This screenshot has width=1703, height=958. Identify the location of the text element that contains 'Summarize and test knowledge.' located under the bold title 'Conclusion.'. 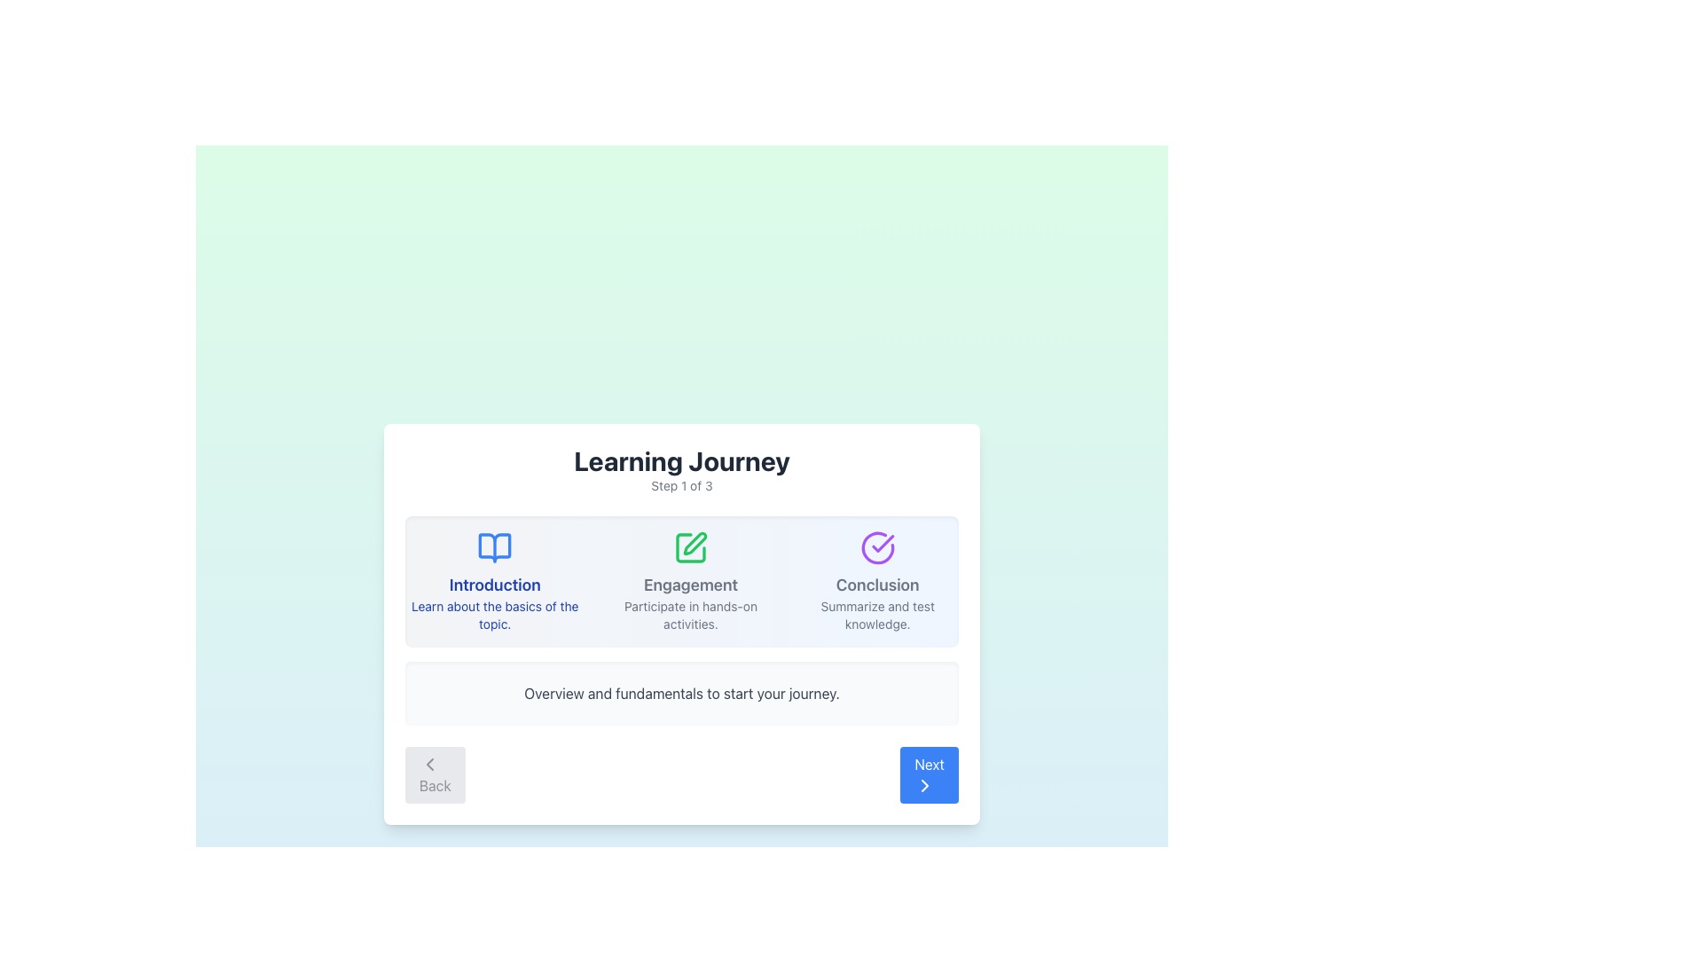
(877, 615).